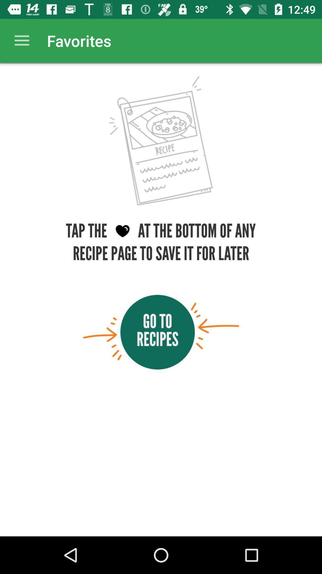 Image resolution: width=322 pixels, height=574 pixels. What do you see at coordinates (161, 332) in the screenshot?
I see `recipes` at bounding box center [161, 332].